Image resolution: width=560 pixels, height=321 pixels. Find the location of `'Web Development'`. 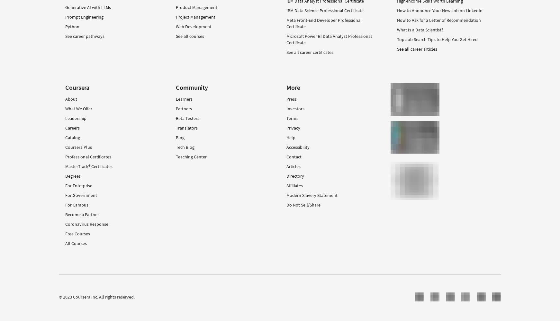

'Web Development' is located at coordinates (193, 26).